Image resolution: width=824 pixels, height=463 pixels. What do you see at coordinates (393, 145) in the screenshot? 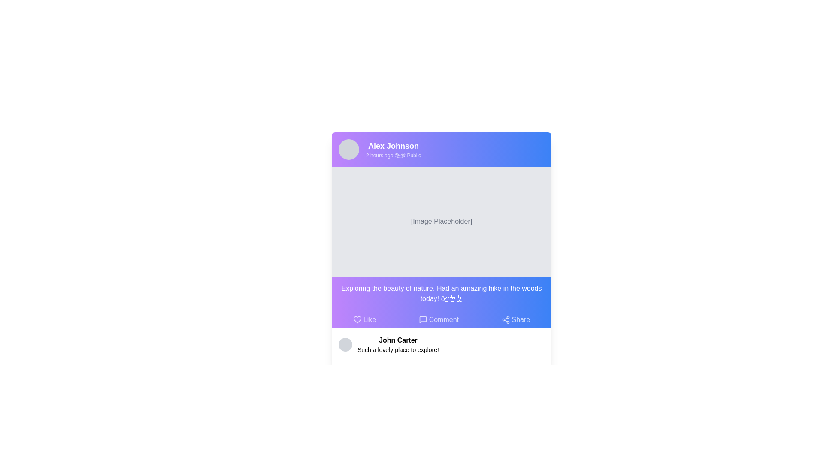
I see `text label identifying the author or user associated with the post, located in the upper-left section of the interface, before the text '2 hours ago • Public'` at bounding box center [393, 145].